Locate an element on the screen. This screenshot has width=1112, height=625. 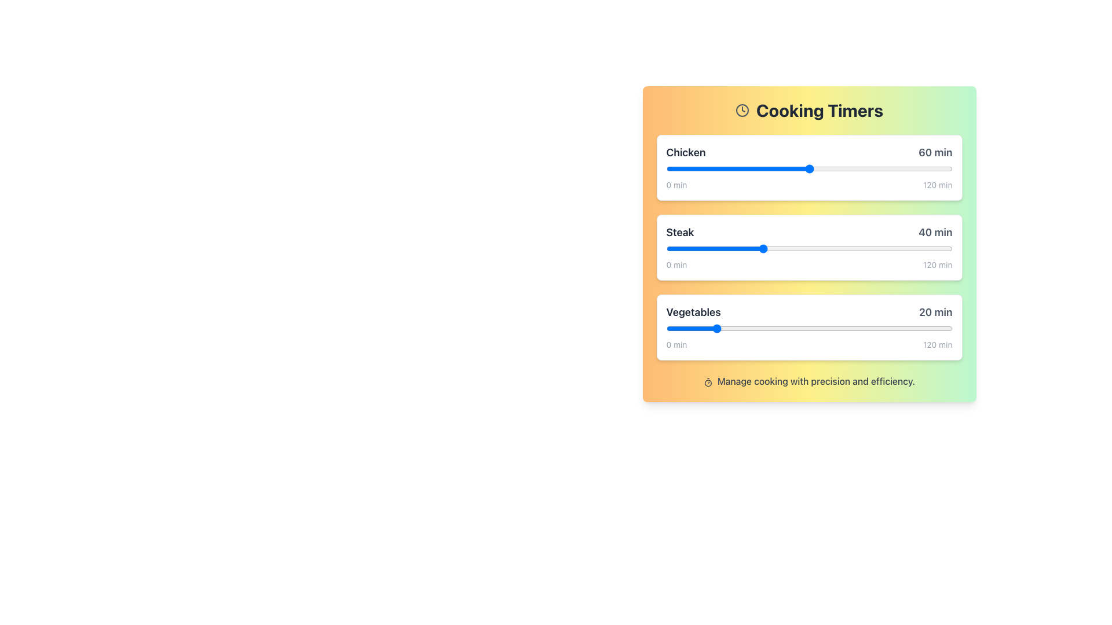
the timer for vegetables is located at coordinates (759, 328).